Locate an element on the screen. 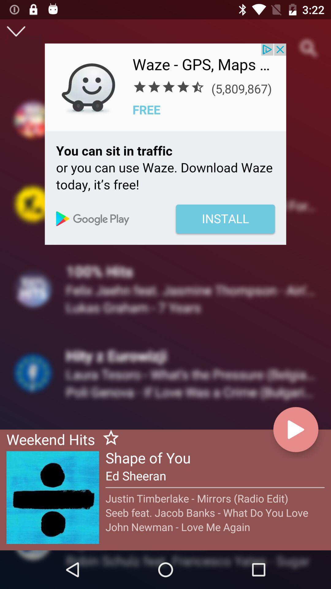  bookmark is located at coordinates (108, 438).